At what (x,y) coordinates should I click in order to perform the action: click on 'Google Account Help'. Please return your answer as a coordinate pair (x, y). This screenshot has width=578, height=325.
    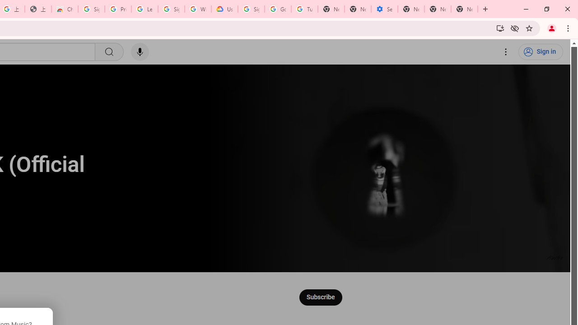
    Looking at the image, I should click on (277, 9).